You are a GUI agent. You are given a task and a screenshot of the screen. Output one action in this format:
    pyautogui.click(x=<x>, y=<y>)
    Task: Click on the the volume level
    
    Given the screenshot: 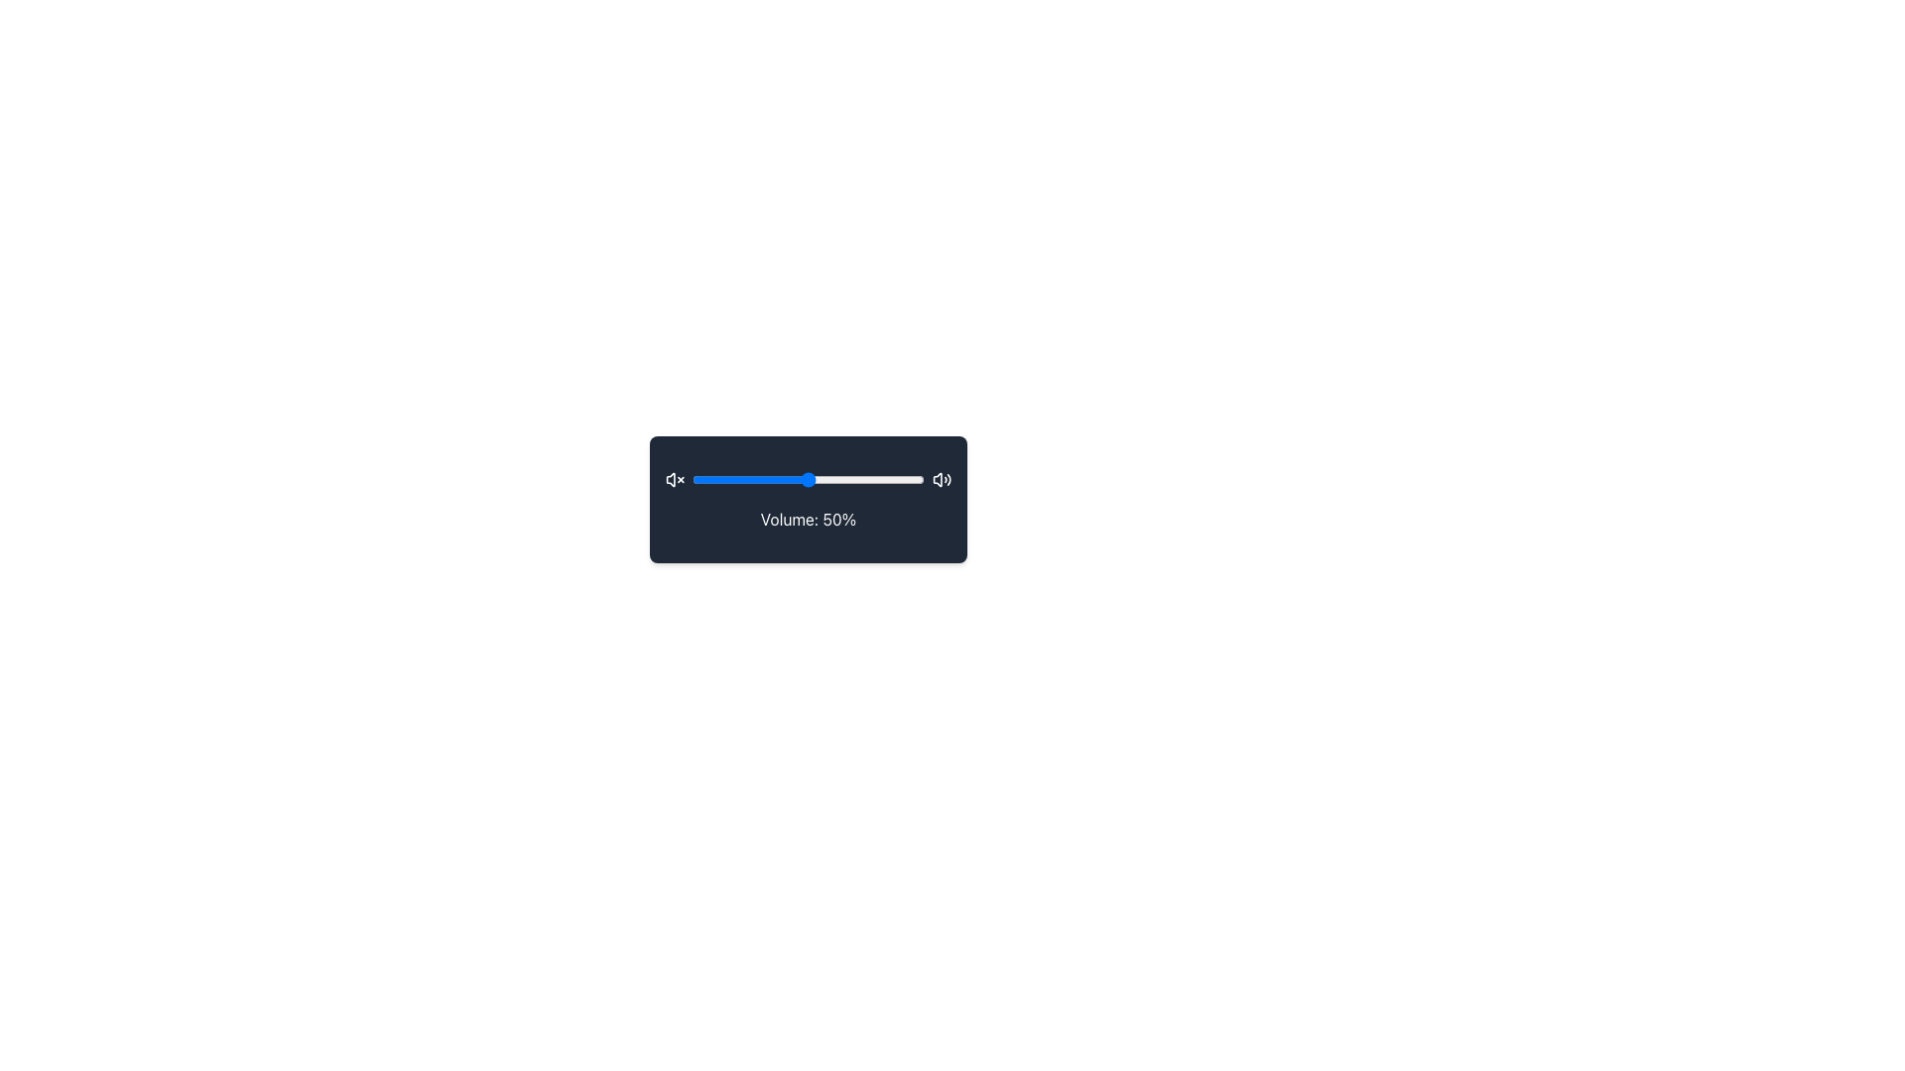 What is the action you would take?
    pyautogui.click(x=826, y=479)
    